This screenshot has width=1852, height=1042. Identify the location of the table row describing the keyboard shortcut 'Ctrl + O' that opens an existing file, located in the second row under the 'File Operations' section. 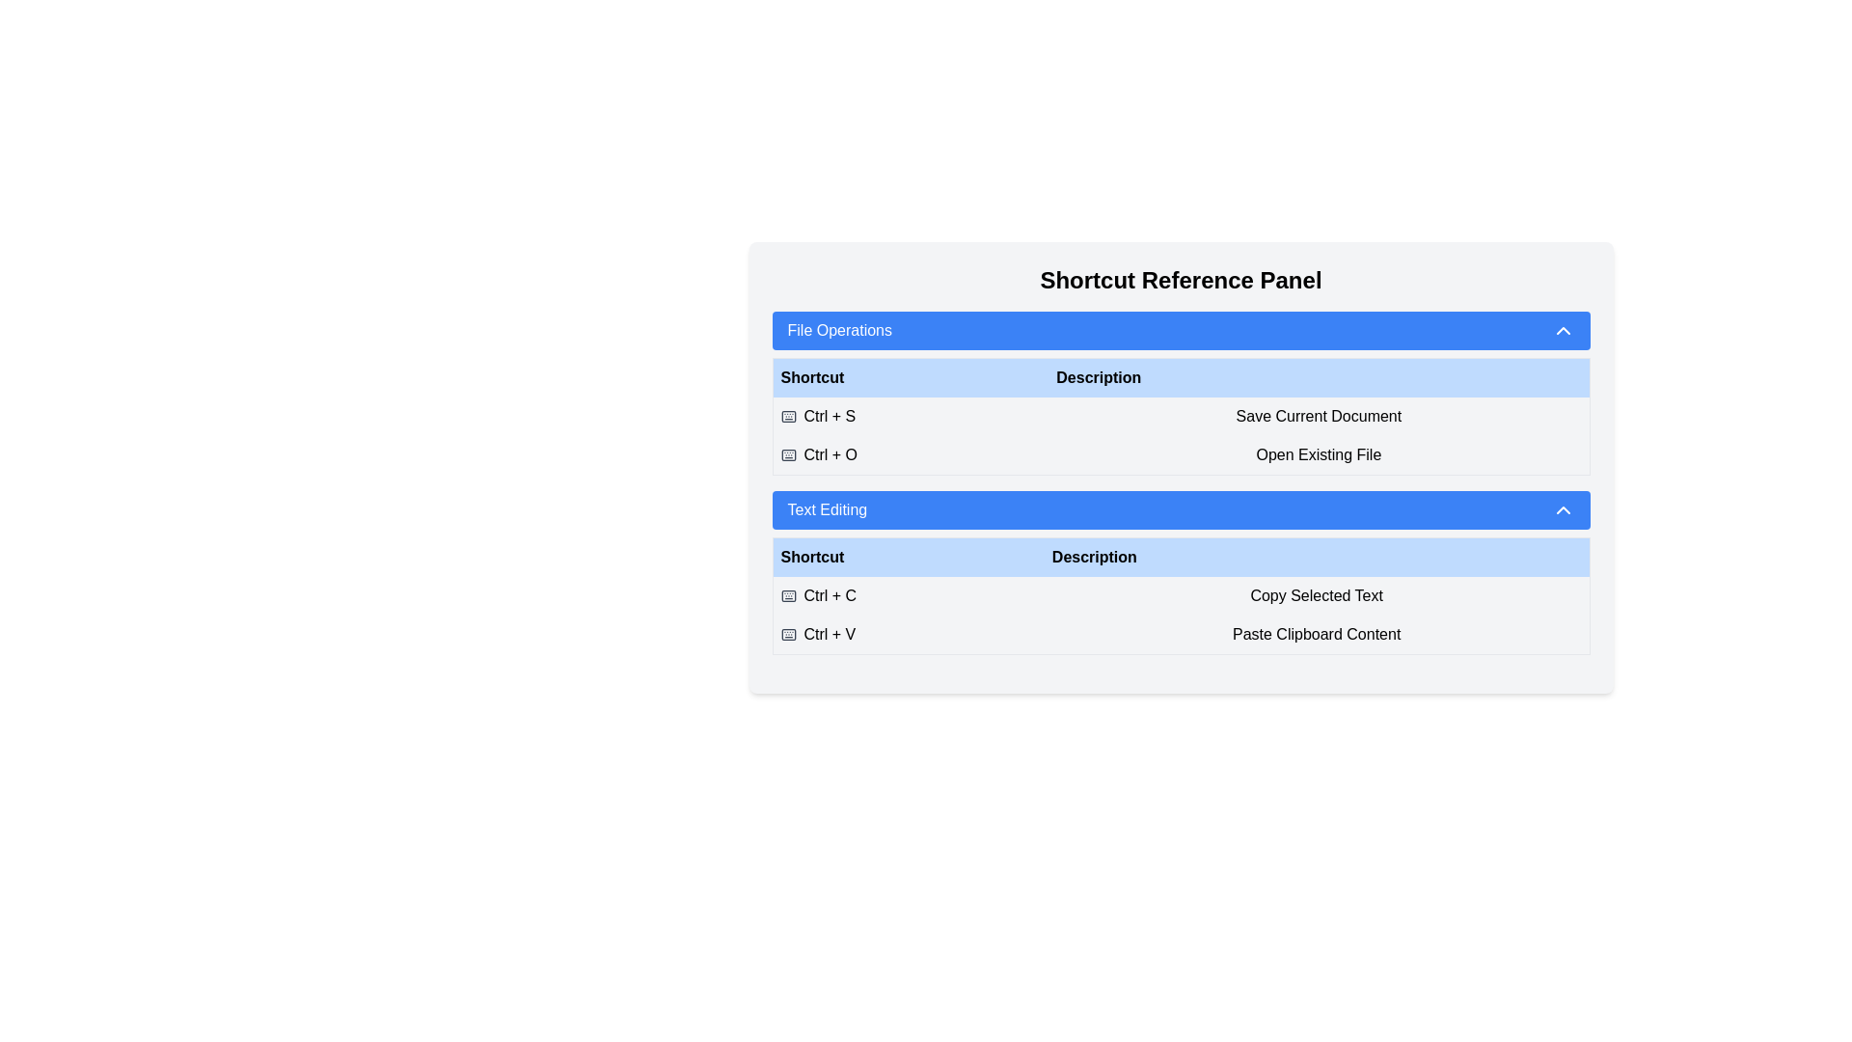
(1180, 455).